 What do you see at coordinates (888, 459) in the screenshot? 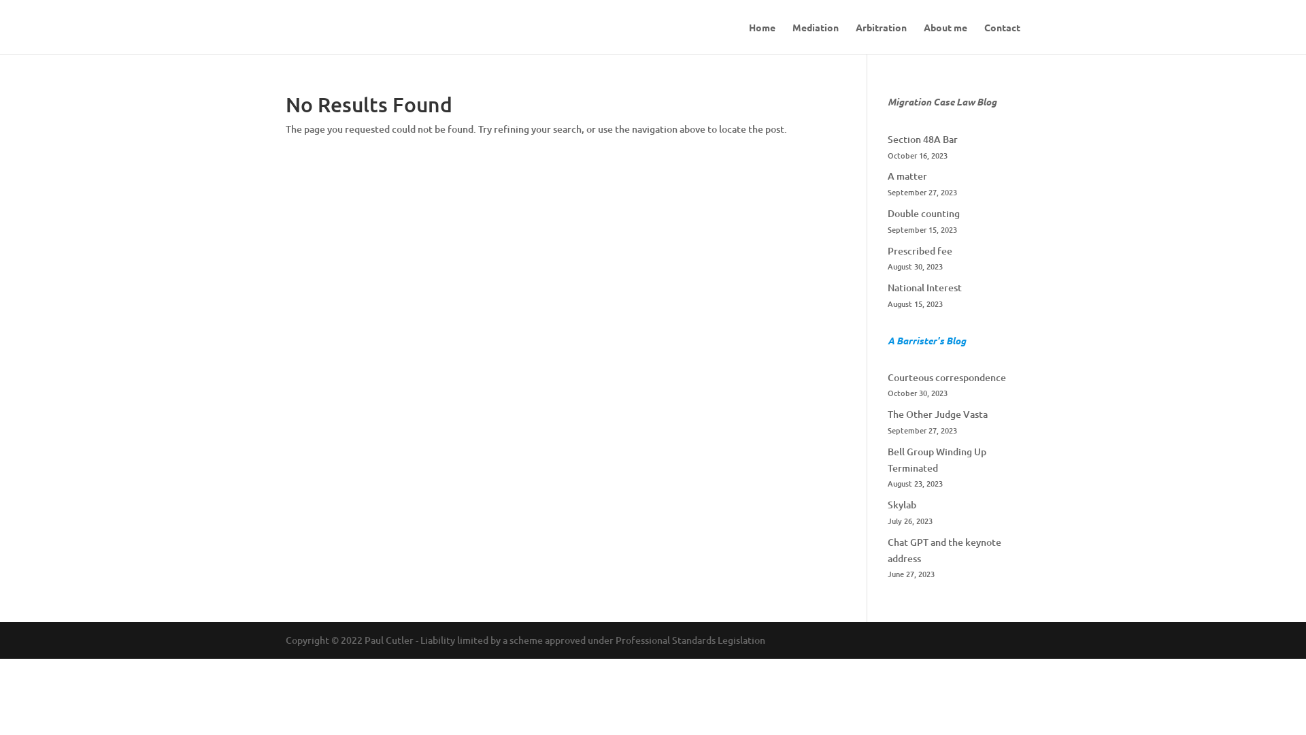
I see `'Bell Group Winding Up Terminated'` at bounding box center [888, 459].